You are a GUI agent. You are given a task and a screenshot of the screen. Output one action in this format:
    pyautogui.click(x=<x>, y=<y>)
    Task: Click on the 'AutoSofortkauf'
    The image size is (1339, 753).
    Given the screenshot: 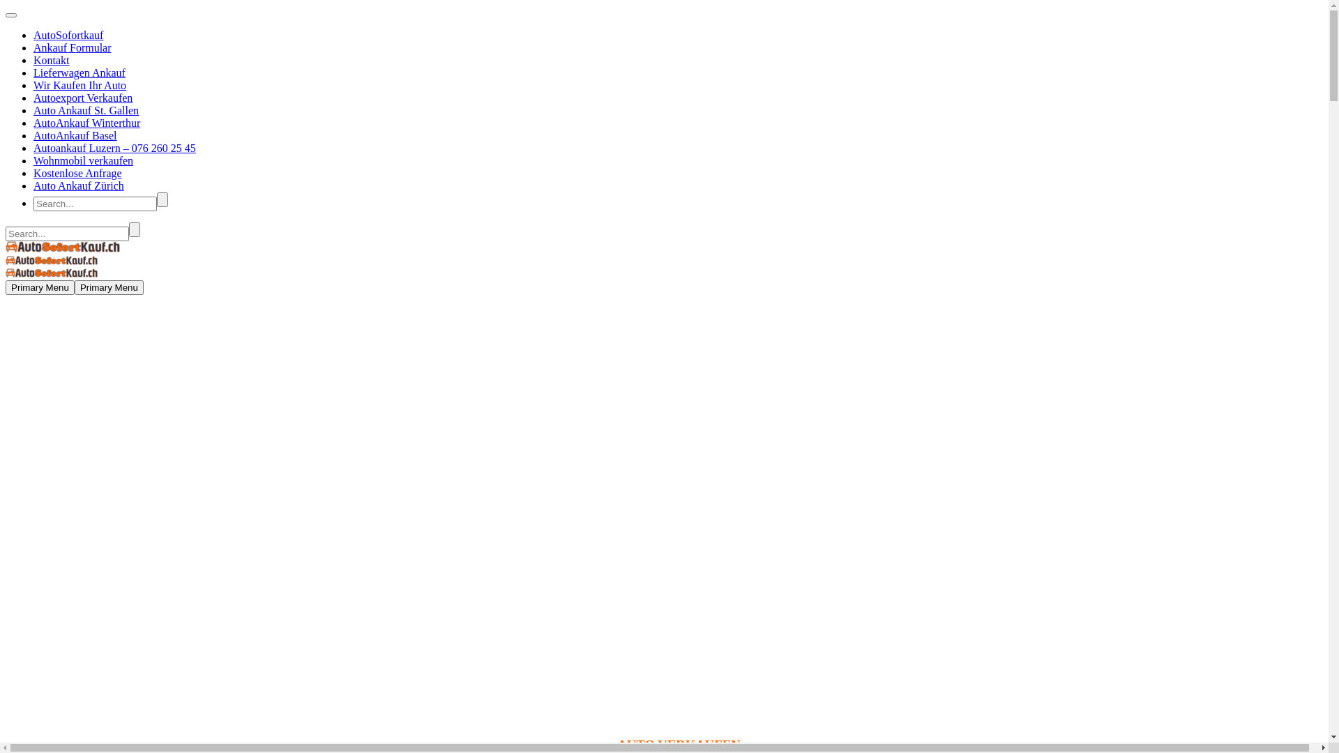 What is the action you would take?
    pyautogui.click(x=67, y=34)
    